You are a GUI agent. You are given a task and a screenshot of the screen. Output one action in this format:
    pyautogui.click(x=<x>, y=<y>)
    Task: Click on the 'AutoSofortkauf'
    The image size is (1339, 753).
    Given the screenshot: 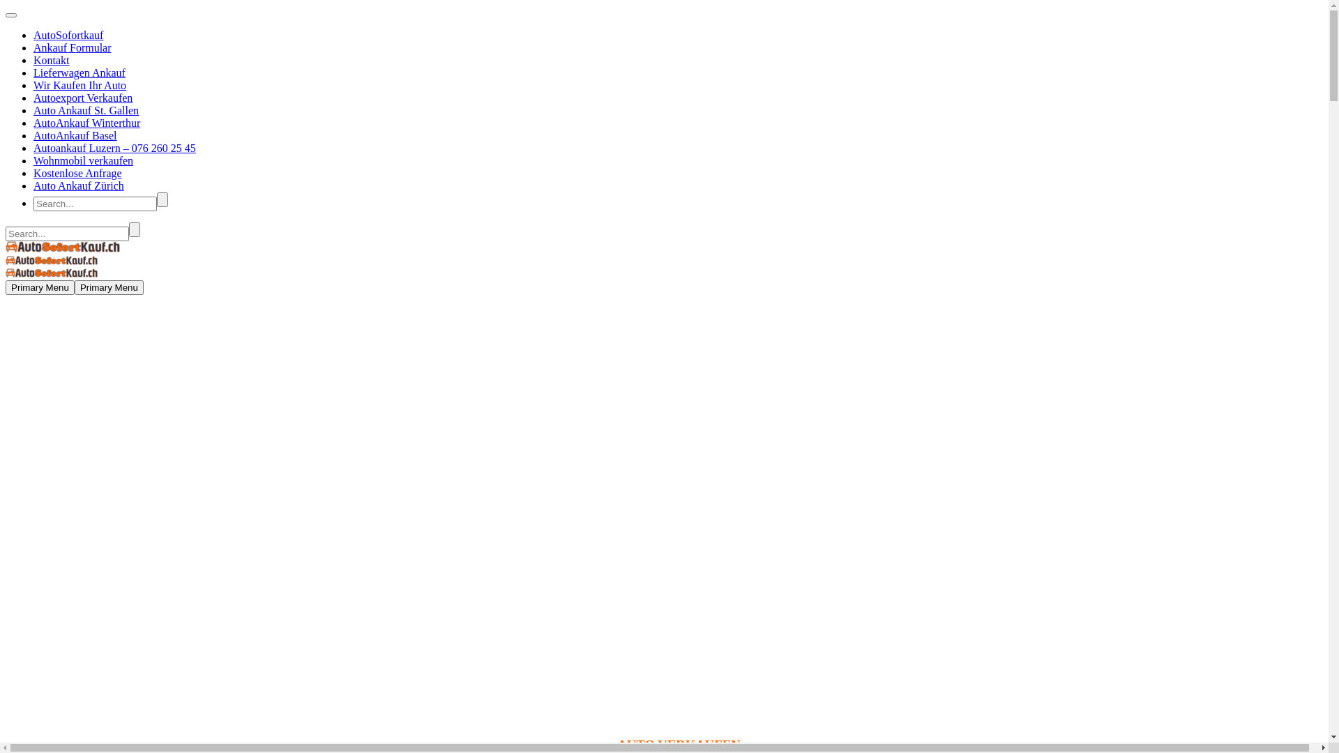 What is the action you would take?
    pyautogui.click(x=67, y=34)
    